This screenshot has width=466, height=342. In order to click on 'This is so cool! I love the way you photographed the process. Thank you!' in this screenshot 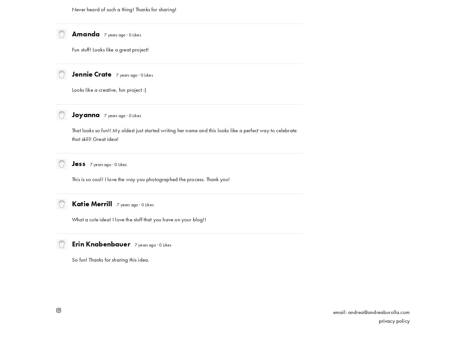, I will do `click(150, 178)`.